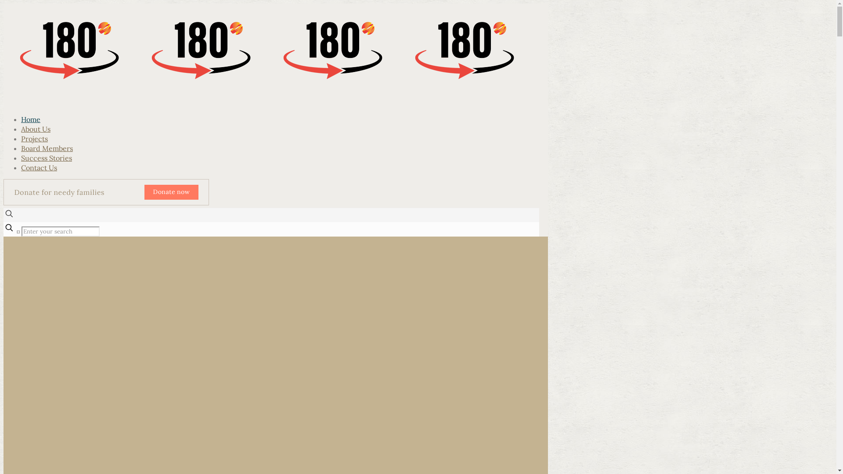  I want to click on 'About Us', so click(35, 129).